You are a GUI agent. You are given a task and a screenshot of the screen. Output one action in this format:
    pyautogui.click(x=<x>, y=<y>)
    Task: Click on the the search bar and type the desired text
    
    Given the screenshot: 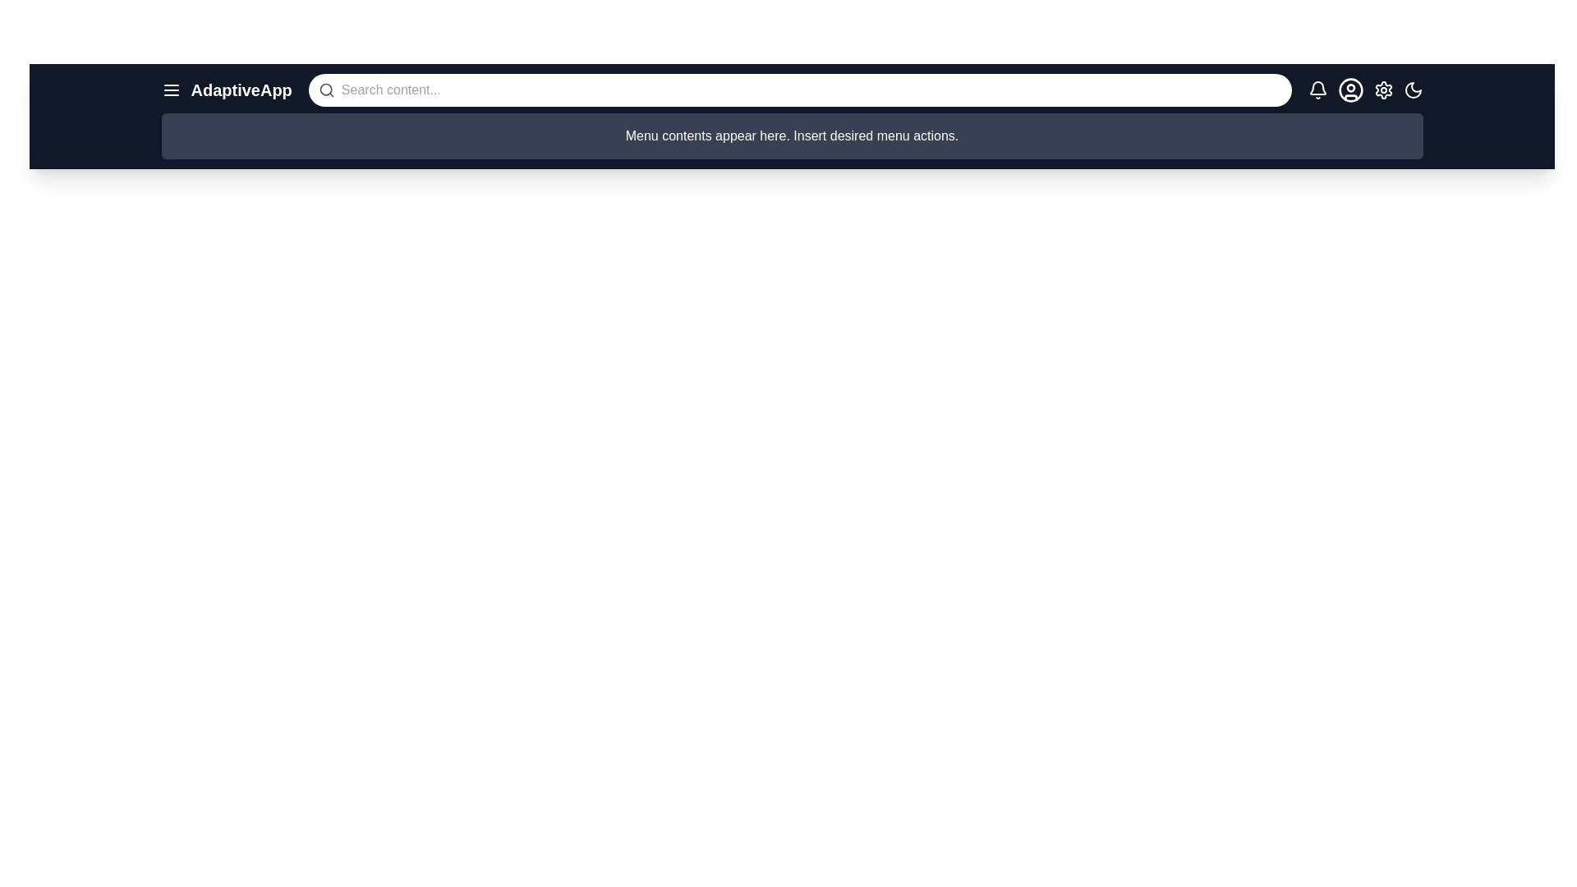 What is the action you would take?
    pyautogui.click(x=800, y=90)
    